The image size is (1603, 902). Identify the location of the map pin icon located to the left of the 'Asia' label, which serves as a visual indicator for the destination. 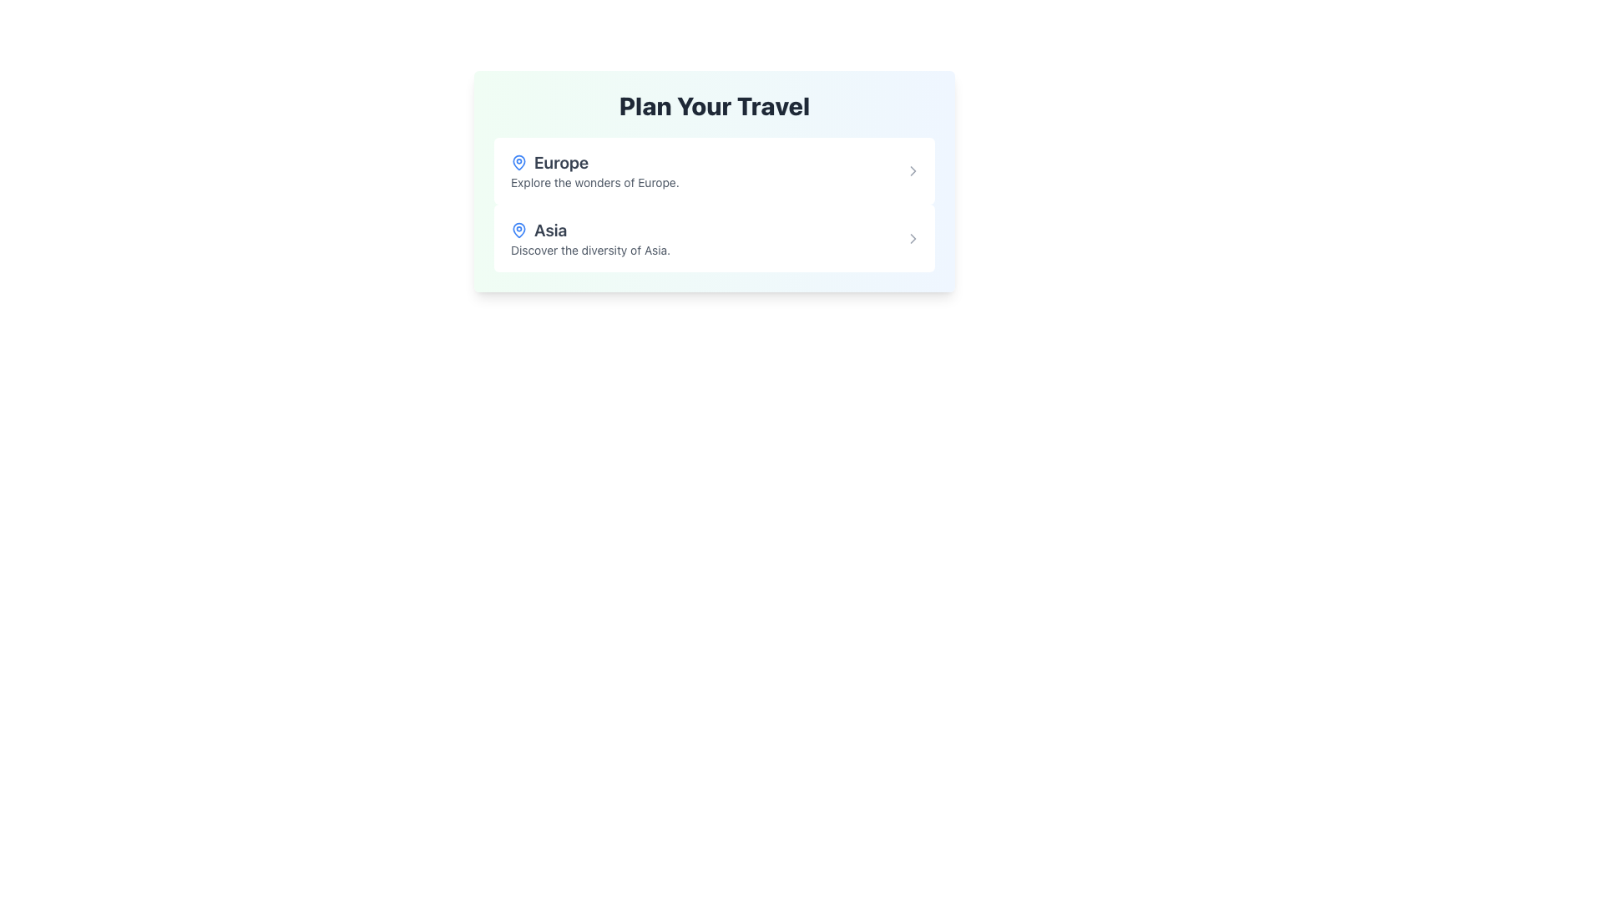
(518, 231).